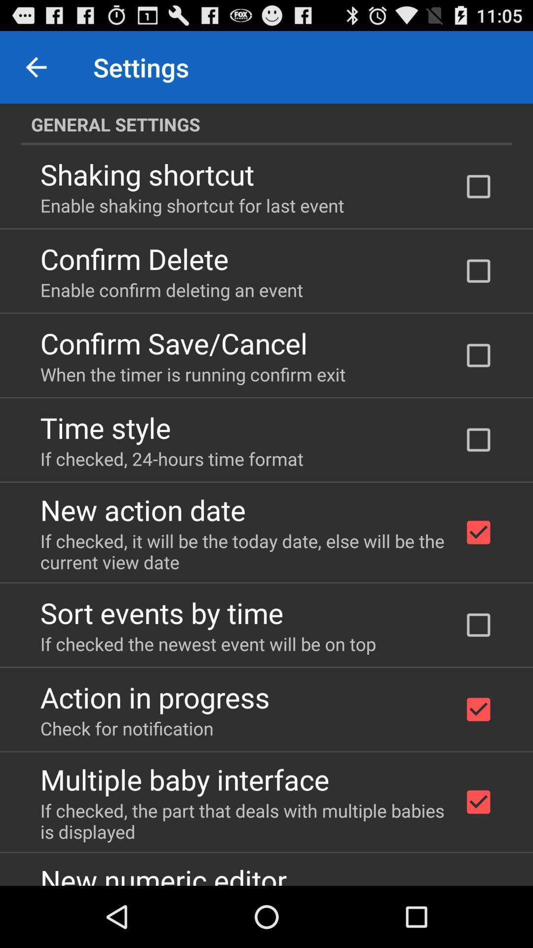 This screenshot has height=948, width=533. Describe the element at coordinates (36, 67) in the screenshot. I see `item next to settings icon` at that location.